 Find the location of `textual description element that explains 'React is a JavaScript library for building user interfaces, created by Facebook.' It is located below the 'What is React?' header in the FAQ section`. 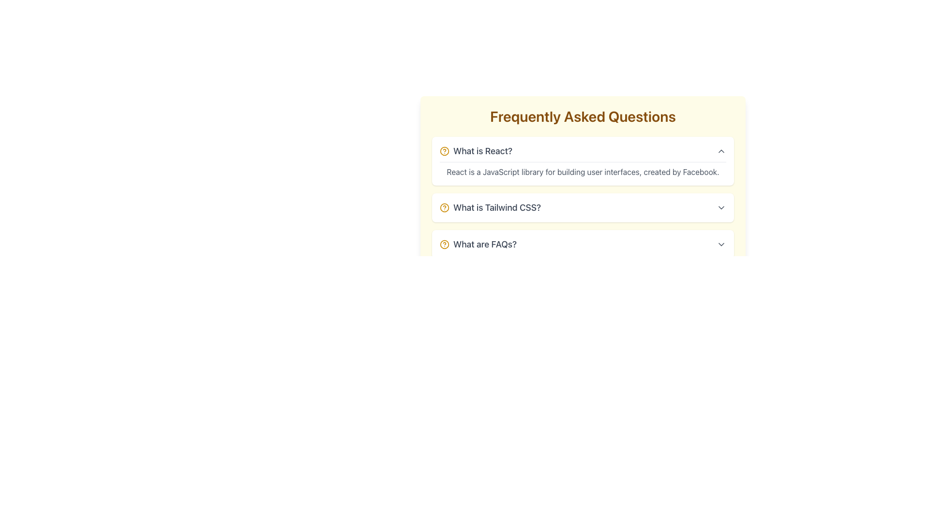

textual description element that explains 'React is a JavaScript library for building user interfaces, created by Facebook.' It is located below the 'What is React?' header in the FAQ section is located at coordinates (582, 171).